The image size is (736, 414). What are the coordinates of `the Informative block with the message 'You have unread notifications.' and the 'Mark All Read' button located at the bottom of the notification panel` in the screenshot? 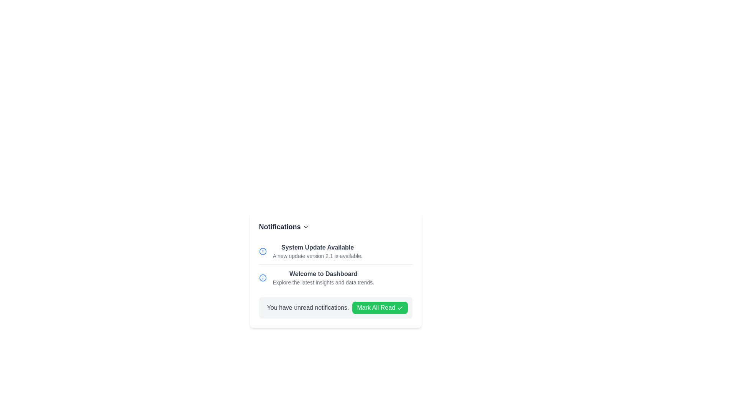 It's located at (335, 307).